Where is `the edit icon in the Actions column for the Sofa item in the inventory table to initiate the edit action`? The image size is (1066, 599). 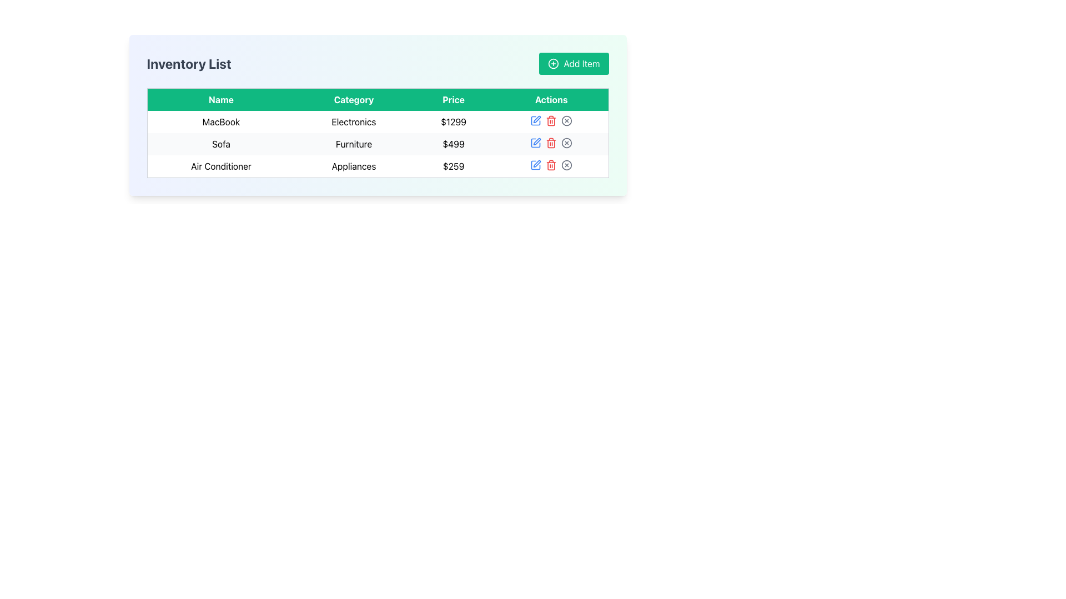
the edit icon in the Actions column for the Sofa item in the inventory table to initiate the edit action is located at coordinates (537, 141).